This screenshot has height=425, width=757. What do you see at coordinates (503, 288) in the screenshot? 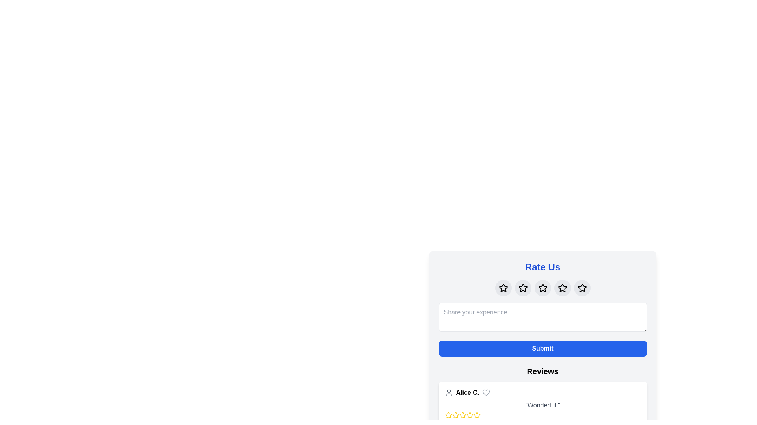
I see `the circular button with a gray background and a star-shaped icon outlined in black, located at the top of the feedback dialog` at bounding box center [503, 288].